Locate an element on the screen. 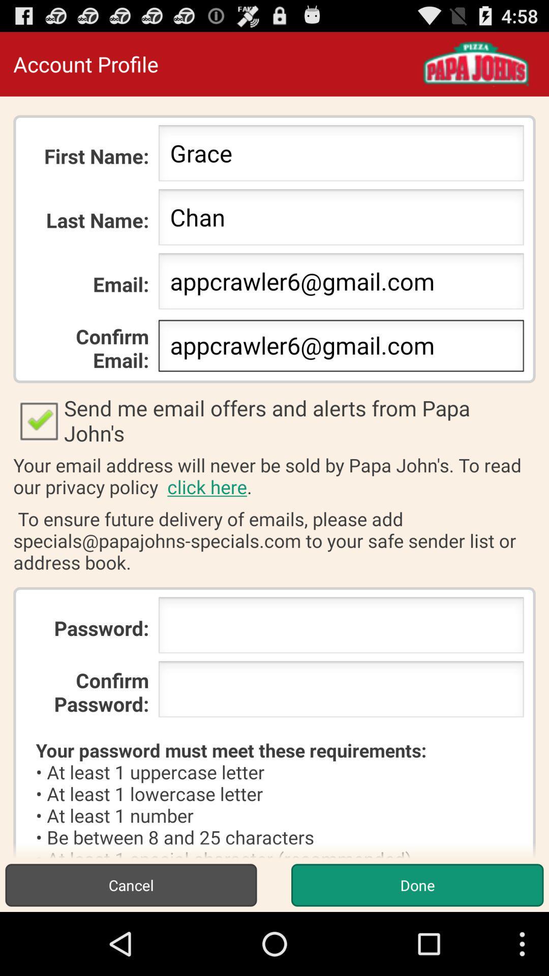 The width and height of the screenshot is (549, 976). password to confirm is located at coordinates (341, 692).